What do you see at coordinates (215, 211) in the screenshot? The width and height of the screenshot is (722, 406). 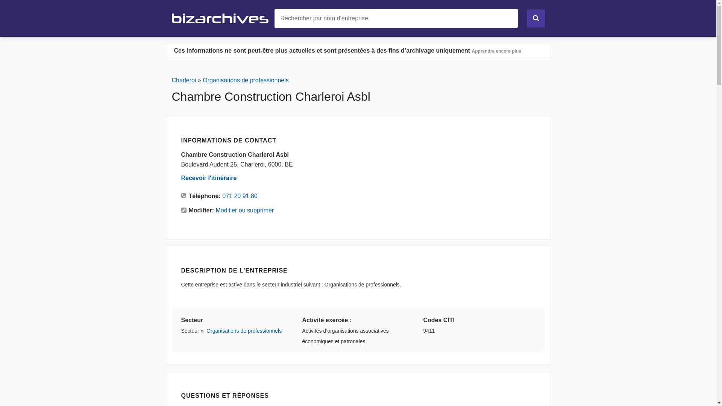 I see `'Modifier ou supprimer'` at bounding box center [215, 211].